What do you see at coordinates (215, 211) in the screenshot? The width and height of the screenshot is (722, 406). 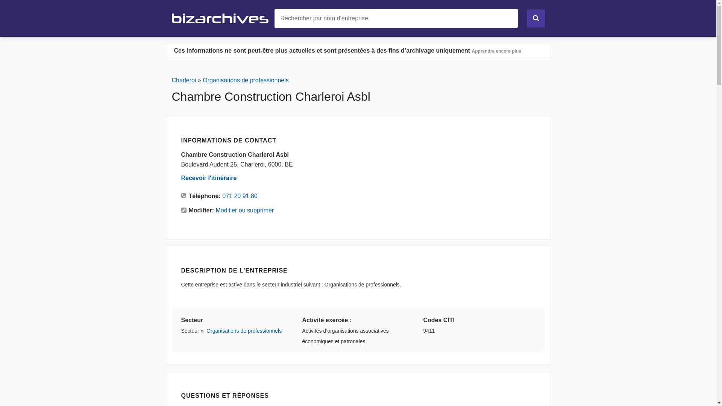 I see `'Modifier ou supprimer'` at bounding box center [215, 211].